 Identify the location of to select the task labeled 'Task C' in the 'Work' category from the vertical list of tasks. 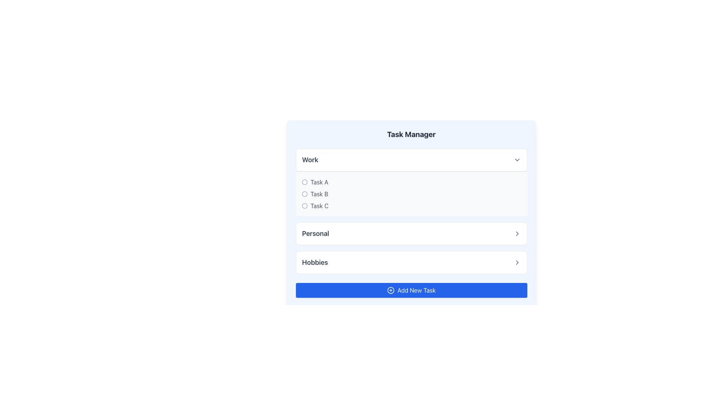
(411, 206).